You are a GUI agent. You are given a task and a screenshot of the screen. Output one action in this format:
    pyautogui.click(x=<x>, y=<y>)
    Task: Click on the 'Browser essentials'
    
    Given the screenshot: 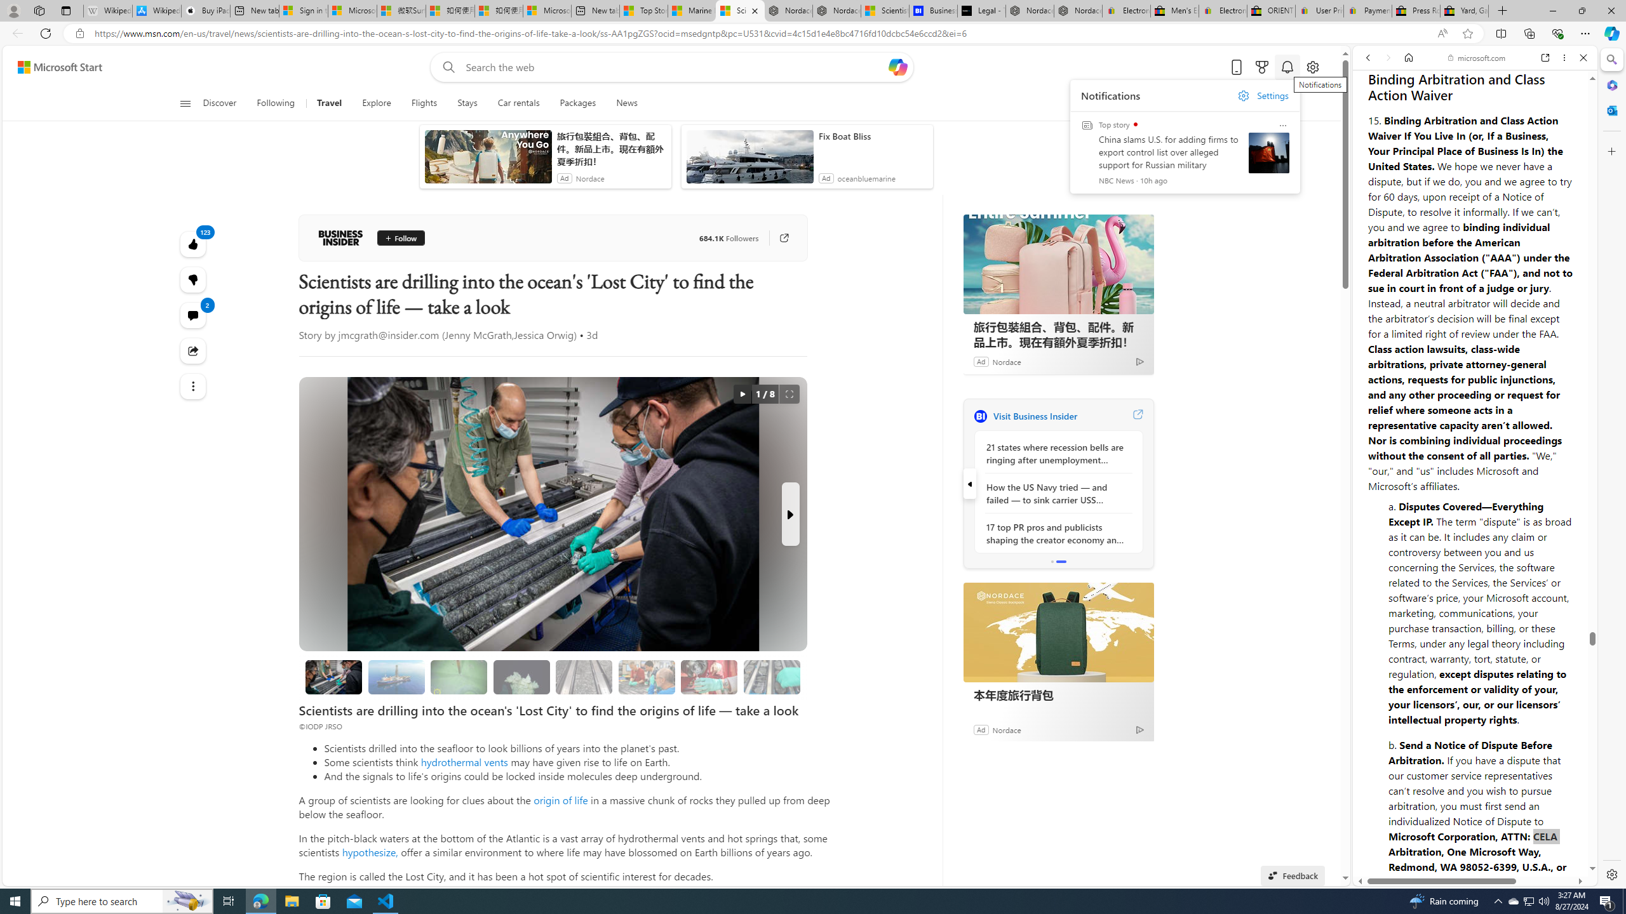 What is the action you would take?
    pyautogui.click(x=1557, y=32)
    